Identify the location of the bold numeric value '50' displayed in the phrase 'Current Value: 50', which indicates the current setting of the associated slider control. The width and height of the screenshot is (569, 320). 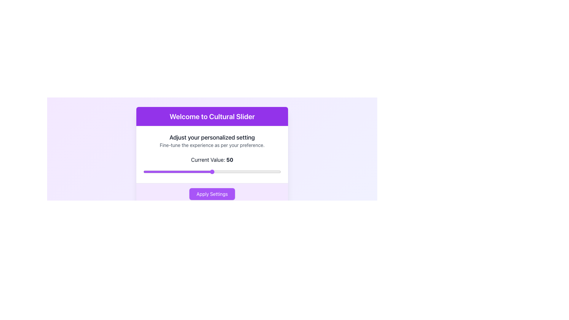
(229, 159).